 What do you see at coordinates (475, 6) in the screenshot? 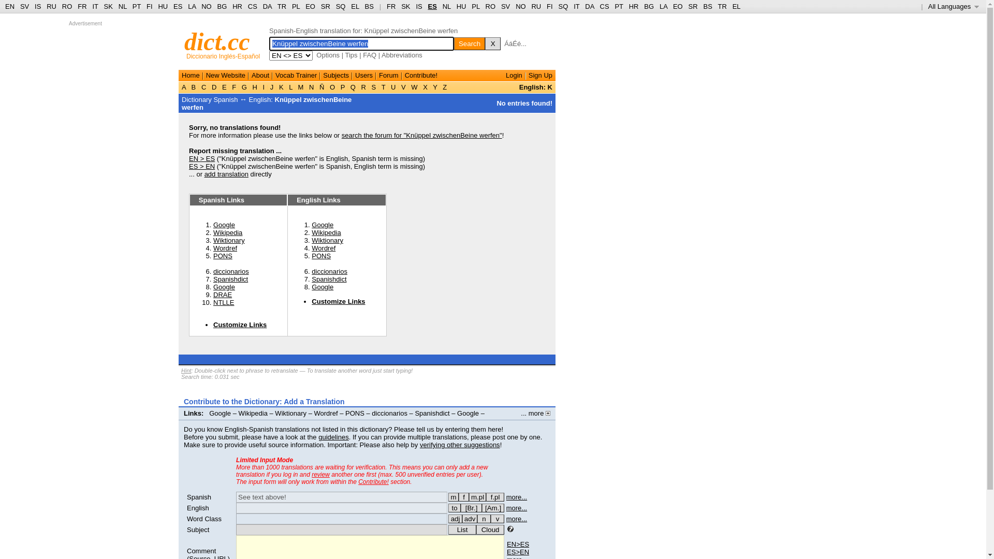
I see `'PL'` at bounding box center [475, 6].